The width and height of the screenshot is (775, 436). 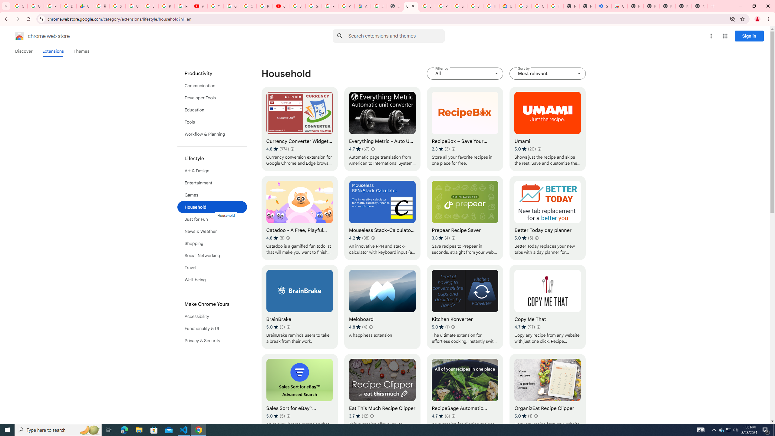 I want to click on 'Household (selected)', so click(x=212, y=207).